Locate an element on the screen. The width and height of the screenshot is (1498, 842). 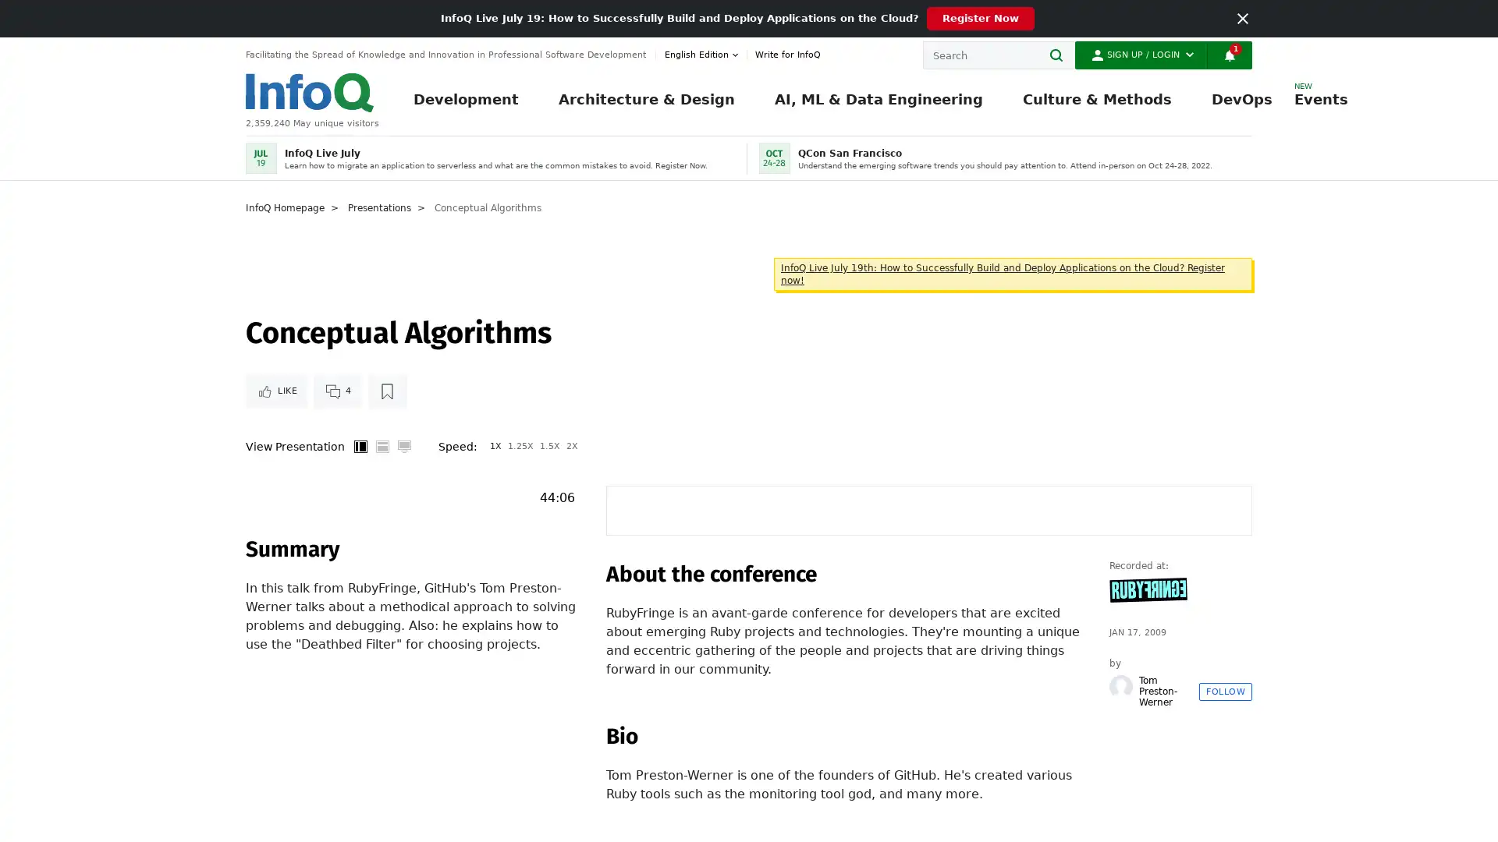
Read later is located at coordinates (386, 390).